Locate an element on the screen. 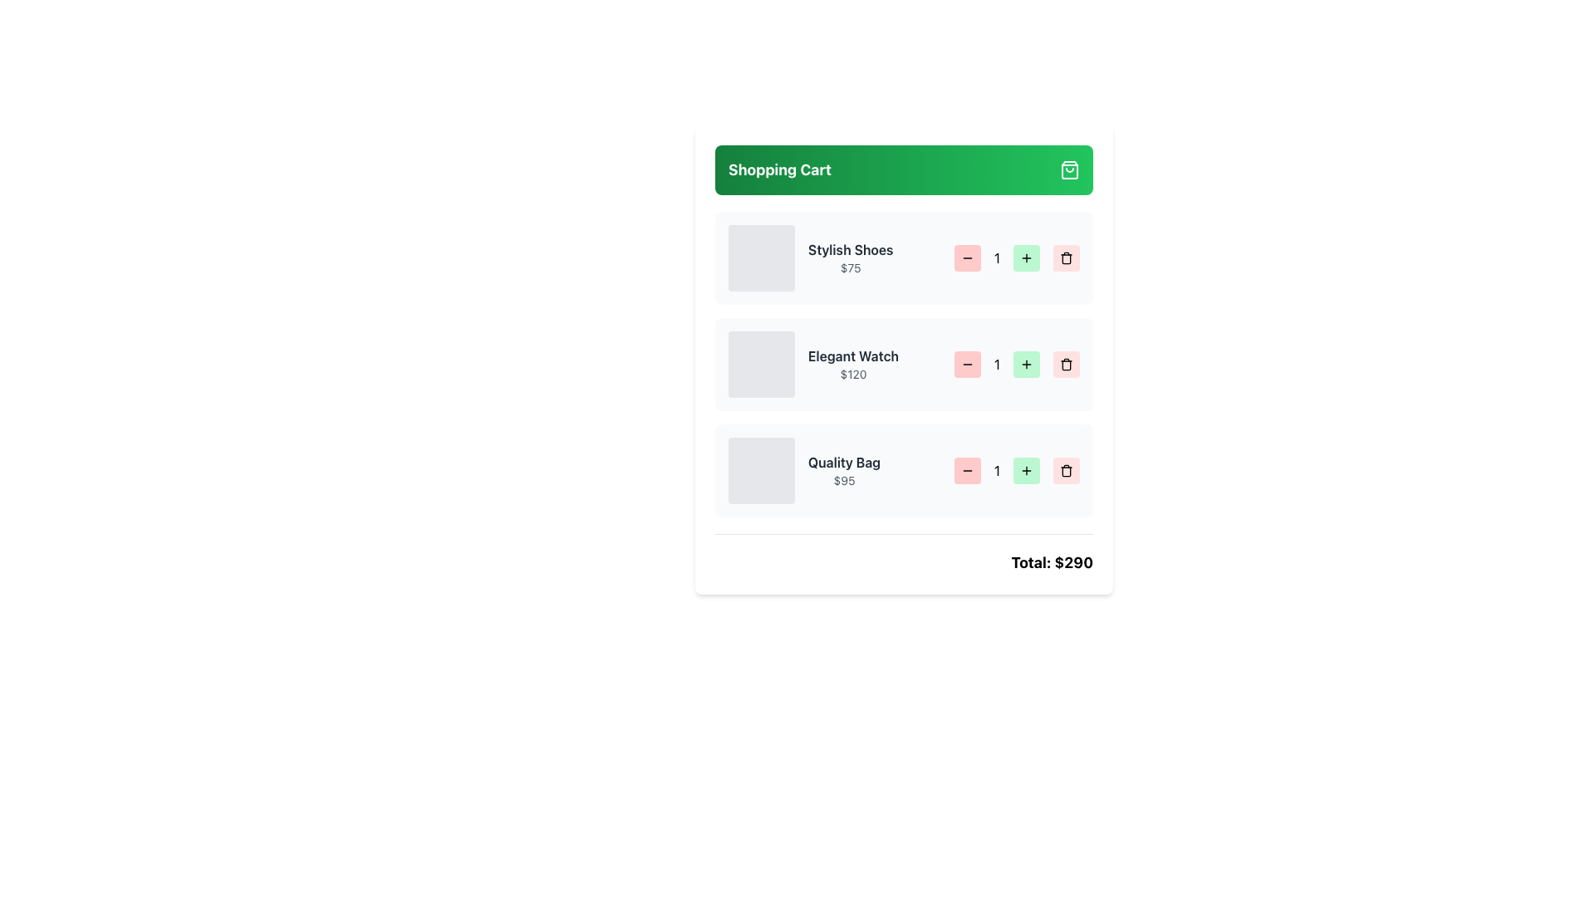 The width and height of the screenshot is (1595, 897). the delete button icon located to the far right of the row containing the 'Elegant Watch' item to receive a tooltip indicating its function is located at coordinates (1066, 364).